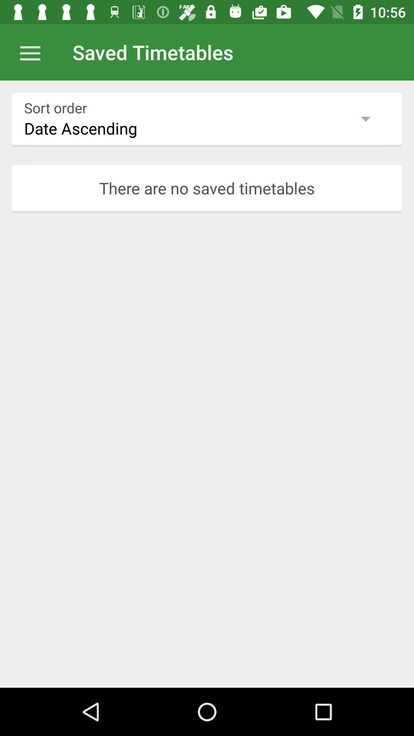 The width and height of the screenshot is (414, 736). What do you see at coordinates (34, 52) in the screenshot?
I see `displays a list of options` at bounding box center [34, 52].